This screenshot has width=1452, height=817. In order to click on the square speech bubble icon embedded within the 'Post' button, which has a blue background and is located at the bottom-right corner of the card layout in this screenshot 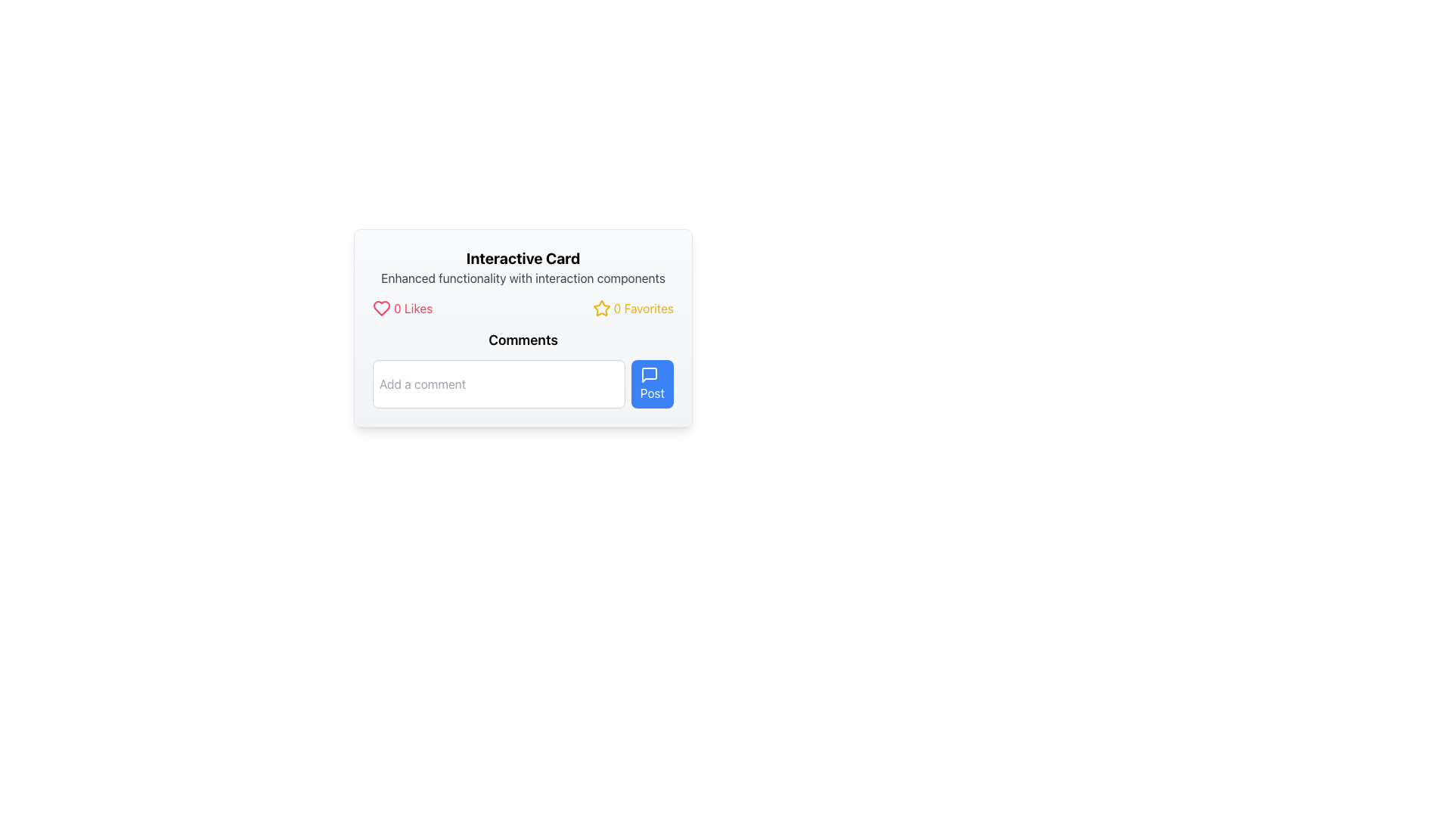, I will do `click(649, 374)`.